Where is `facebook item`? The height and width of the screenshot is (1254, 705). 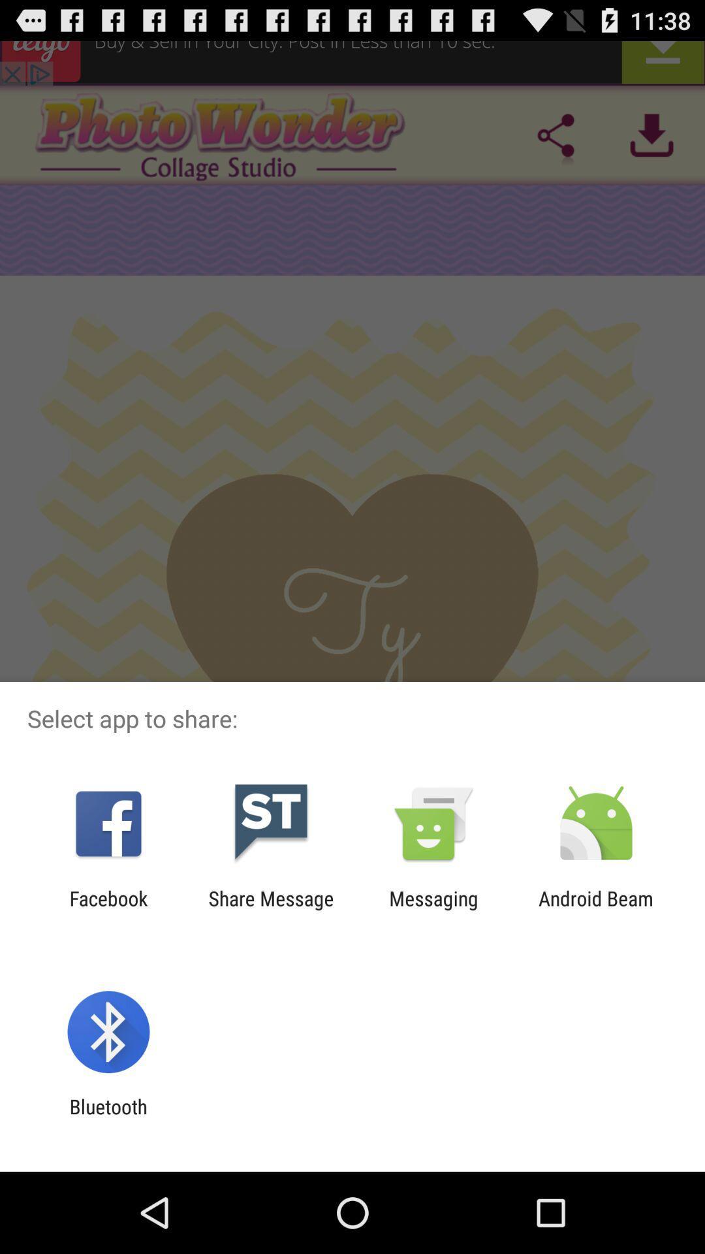
facebook item is located at coordinates (108, 909).